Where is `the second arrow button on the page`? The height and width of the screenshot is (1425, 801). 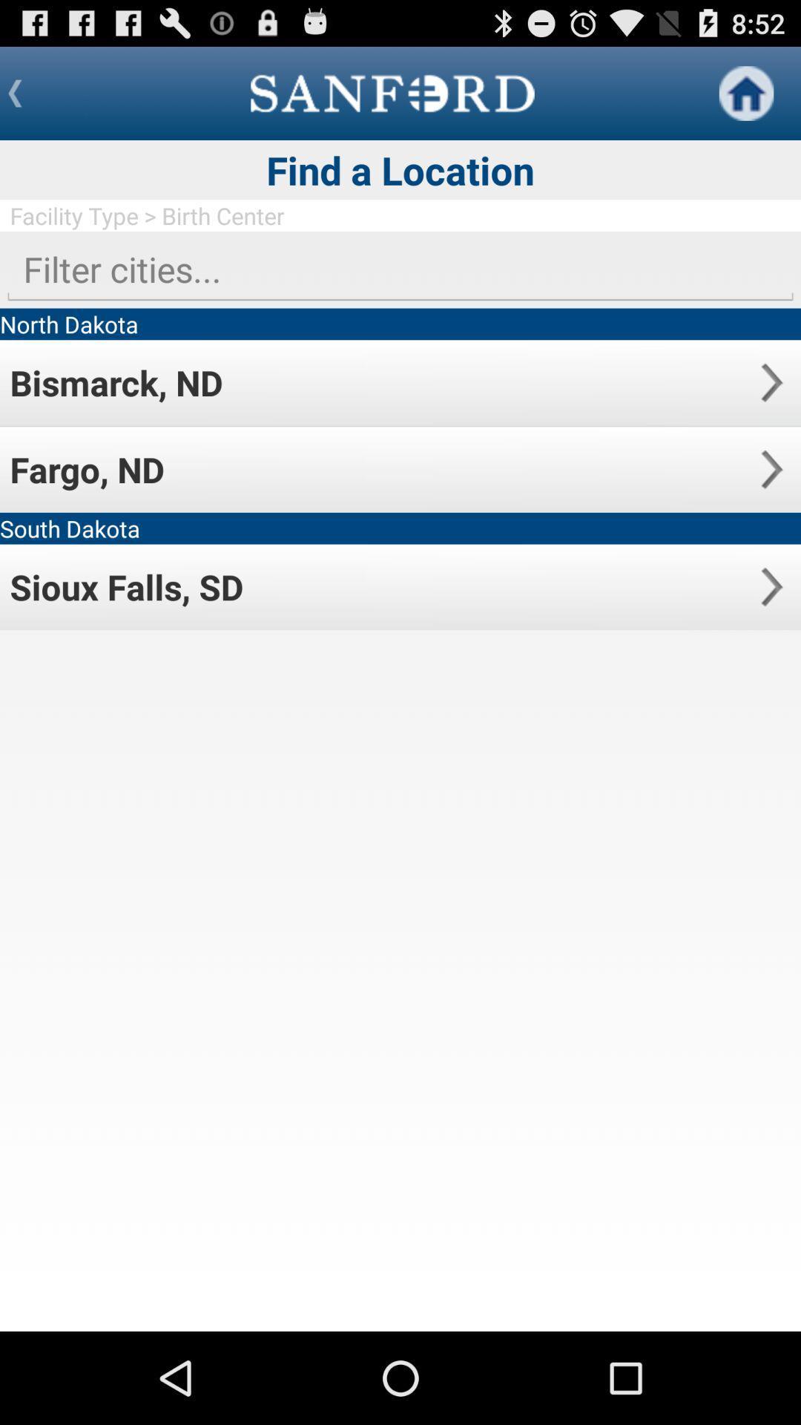
the second arrow button on the page is located at coordinates (771, 468).